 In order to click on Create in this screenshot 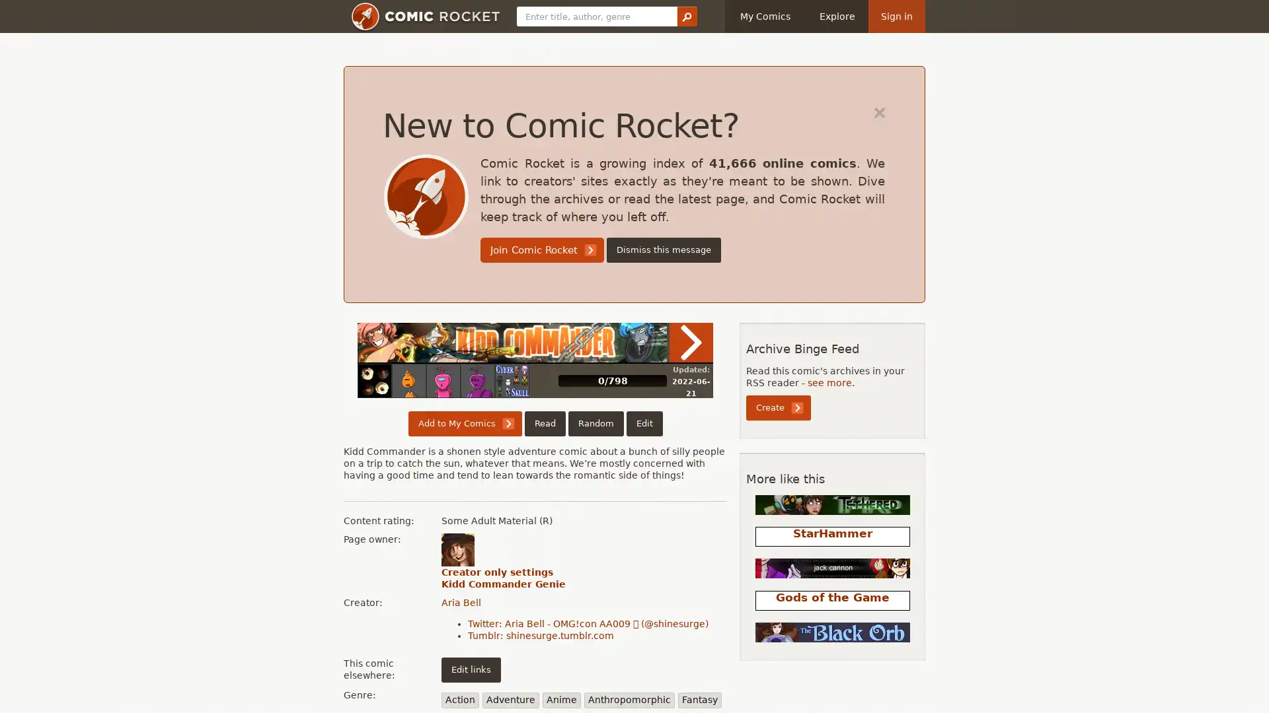, I will do `click(778, 407)`.